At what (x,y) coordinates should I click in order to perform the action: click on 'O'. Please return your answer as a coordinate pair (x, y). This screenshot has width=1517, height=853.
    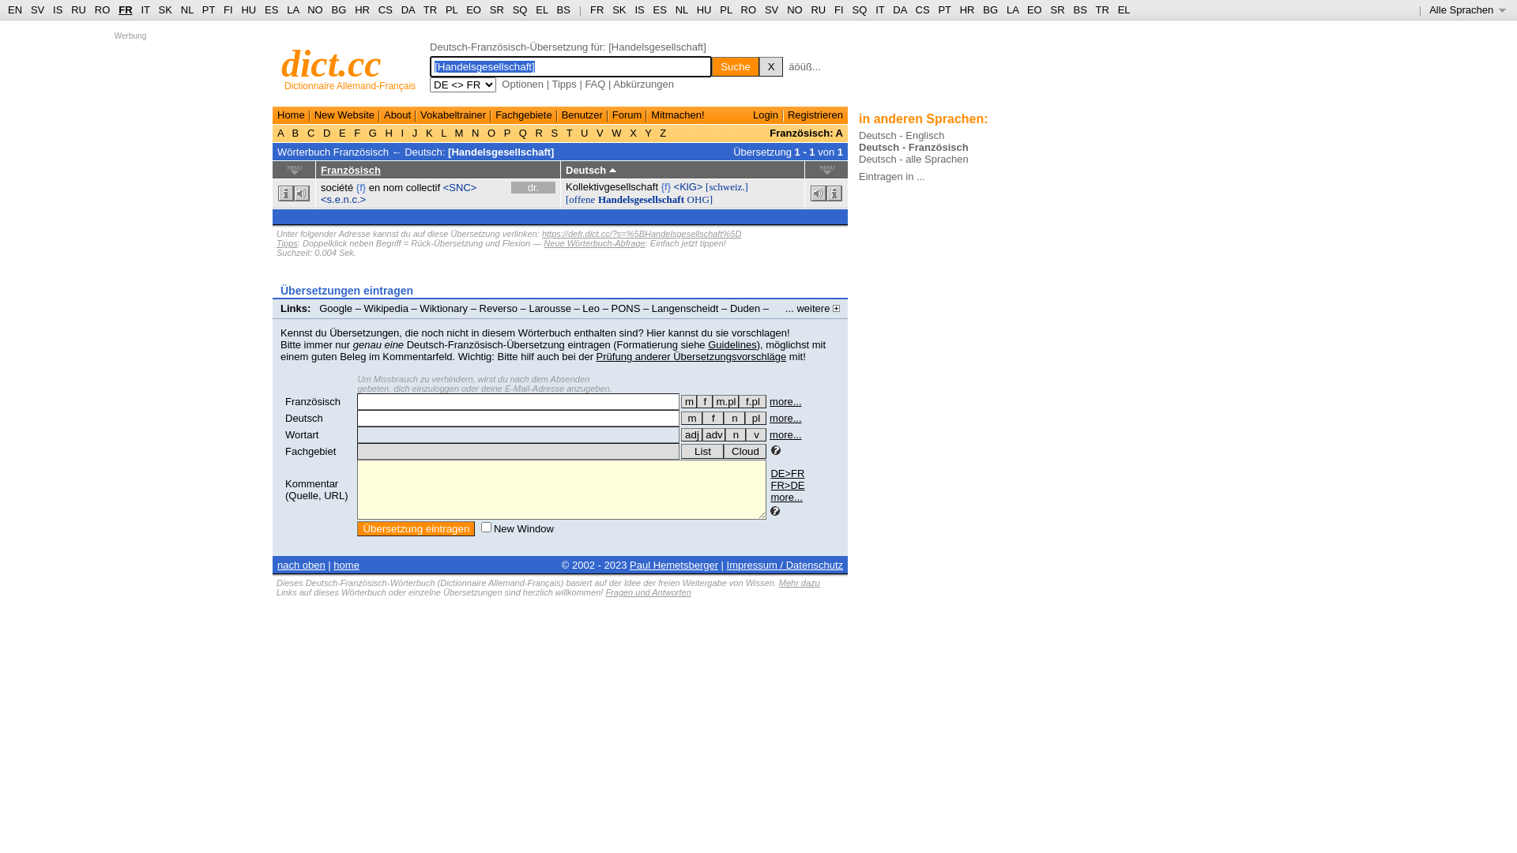
    Looking at the image, I should click on (490, 132).